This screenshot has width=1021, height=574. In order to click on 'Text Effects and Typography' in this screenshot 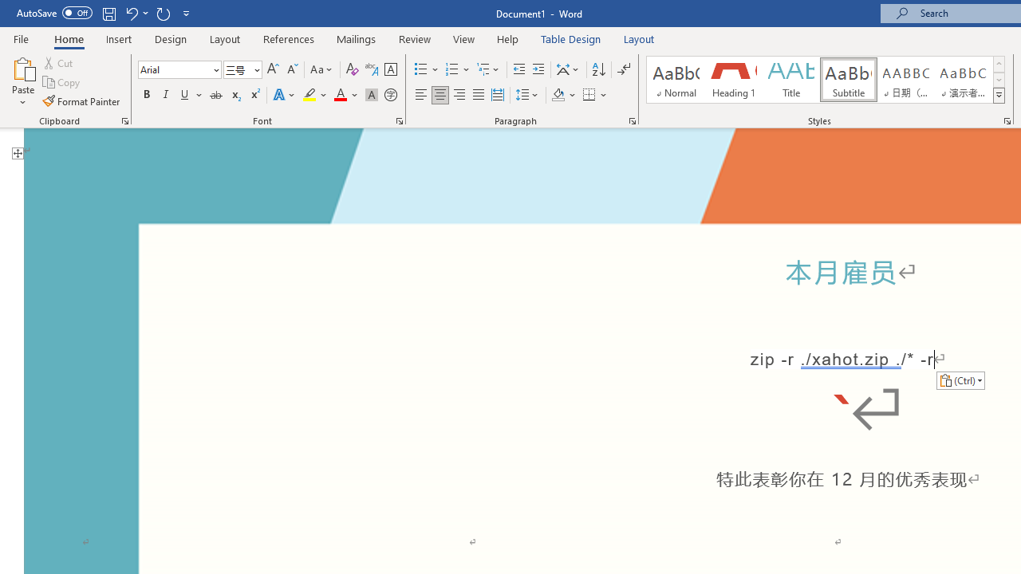, I will do `click(285, 95)`.